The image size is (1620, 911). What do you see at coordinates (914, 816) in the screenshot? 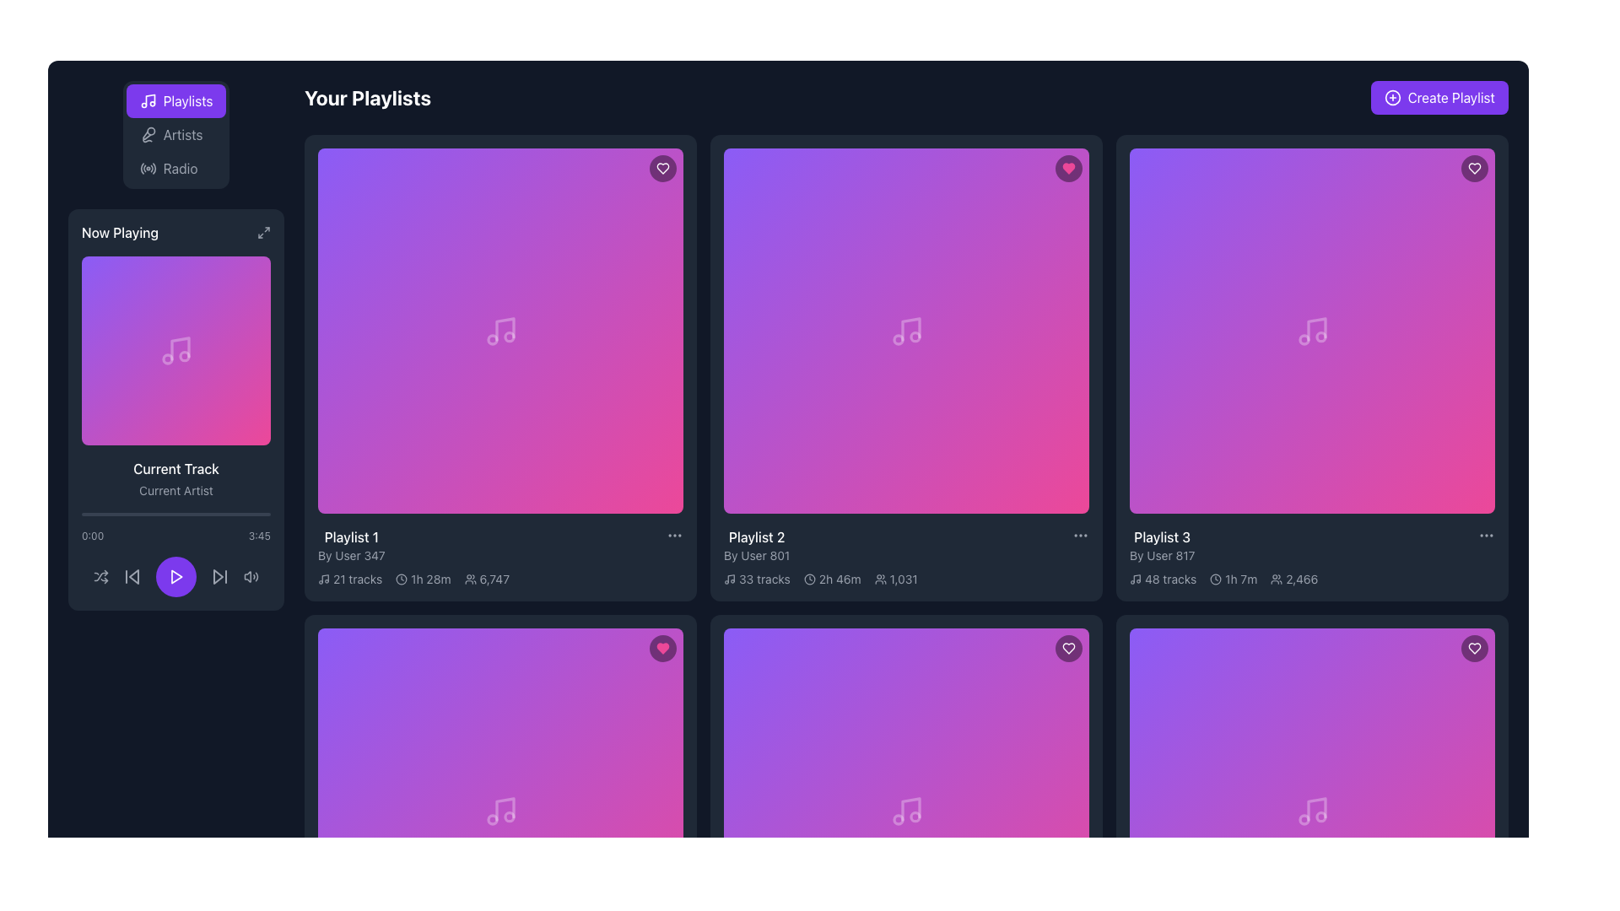
I see `the rightmost circle of the musical note icon located in the bottom-right playlist box of the grid layout` at bounding box center [914, 816].